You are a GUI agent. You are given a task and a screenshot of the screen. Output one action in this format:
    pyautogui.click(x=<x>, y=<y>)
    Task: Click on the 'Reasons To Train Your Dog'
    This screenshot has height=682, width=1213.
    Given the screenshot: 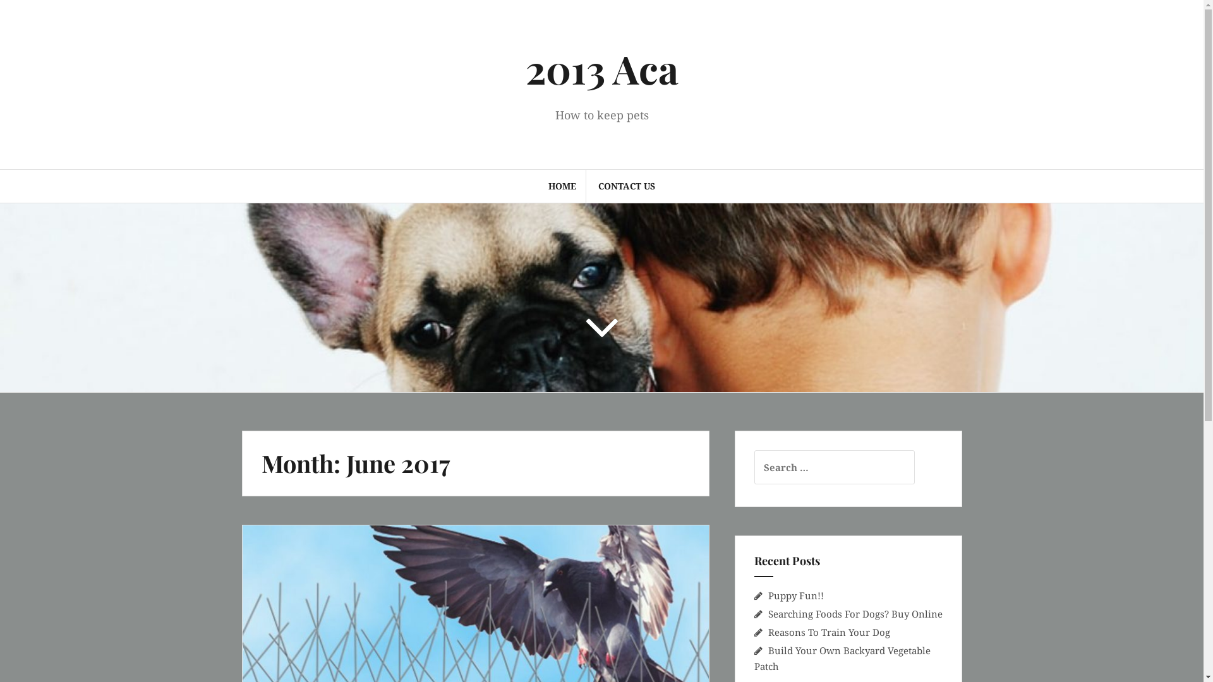 What is the action you would take?
    pyautogui.click(x=829, y=632)
    